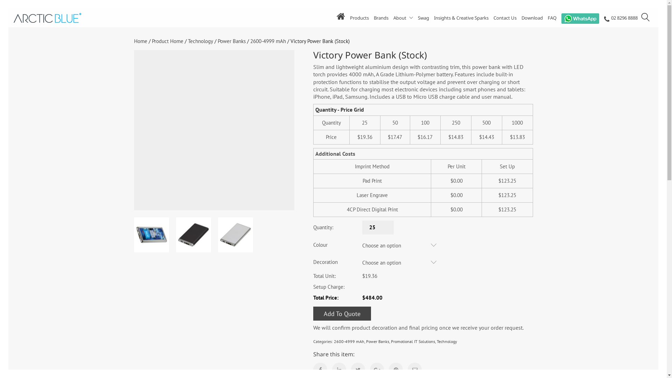 This screenshot has width=672, height=378. I want to click on 'Contact Us', so click(493, 17).